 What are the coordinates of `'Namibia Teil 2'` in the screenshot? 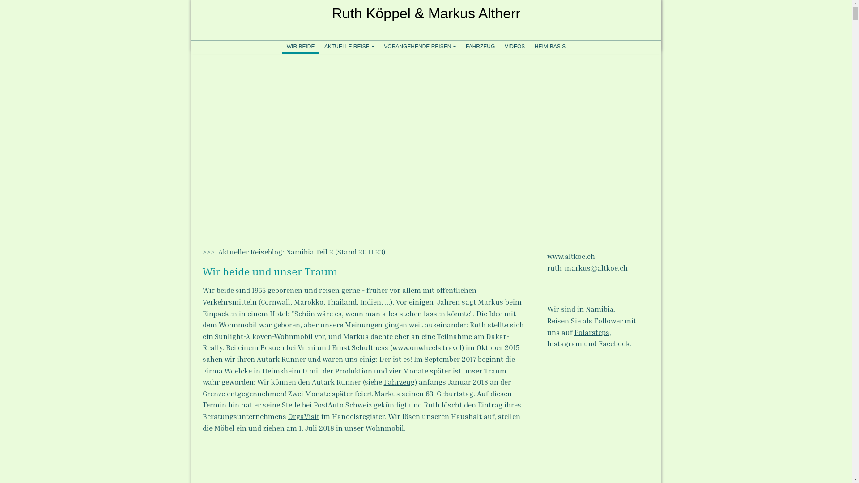 It's located at (285, 252).